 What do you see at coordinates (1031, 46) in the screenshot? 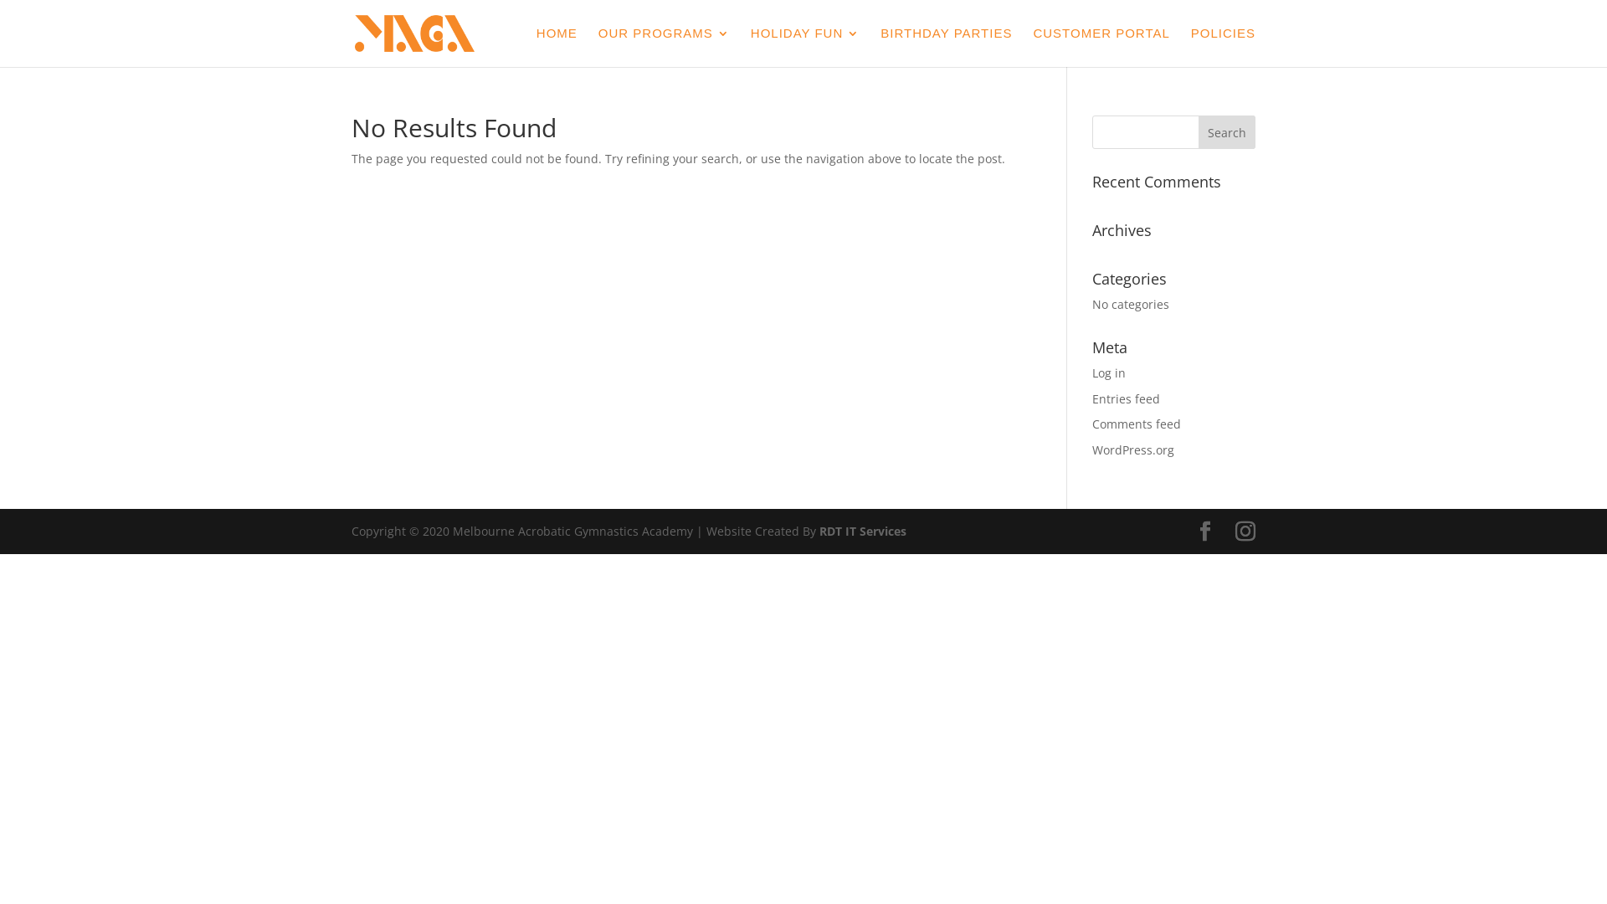
I see `'CUSTOMER PORTAL'` at bounding box center [1031, 46].